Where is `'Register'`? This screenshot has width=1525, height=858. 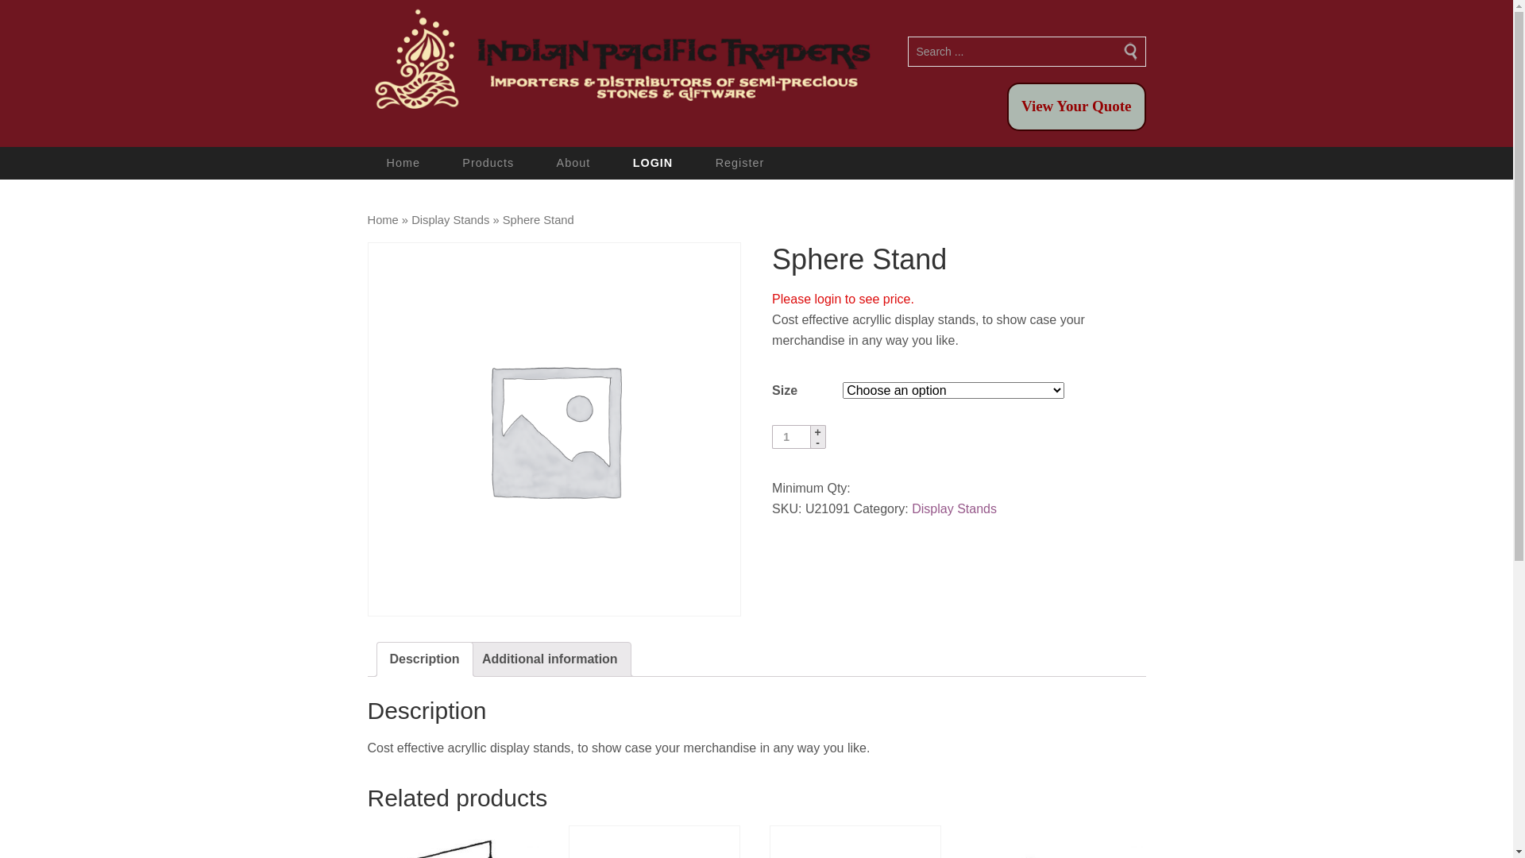 'Register' is located at coordinates (739, 163).